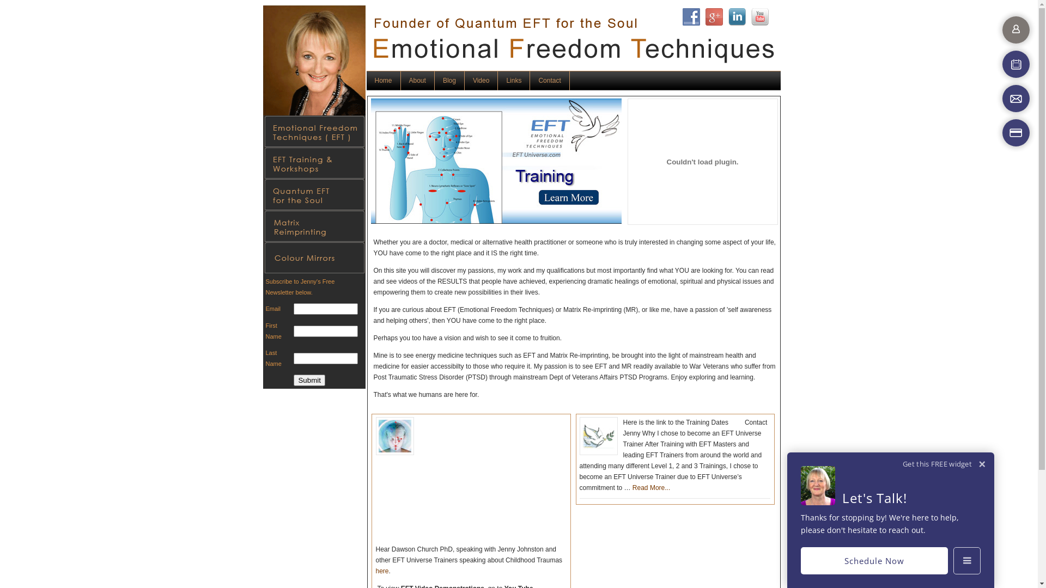 Image resolution: width=1046 pixels, height=588 pixels. What do you see at coordinates (417, 80) in the screenshot?
I see `'About'` at bounding box center [417, 80].